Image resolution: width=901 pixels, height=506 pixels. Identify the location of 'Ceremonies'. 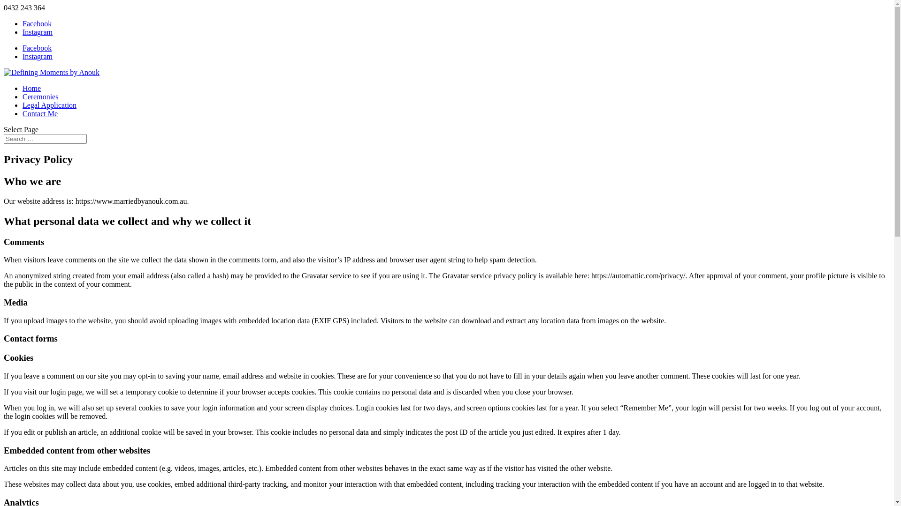
(40, 97).